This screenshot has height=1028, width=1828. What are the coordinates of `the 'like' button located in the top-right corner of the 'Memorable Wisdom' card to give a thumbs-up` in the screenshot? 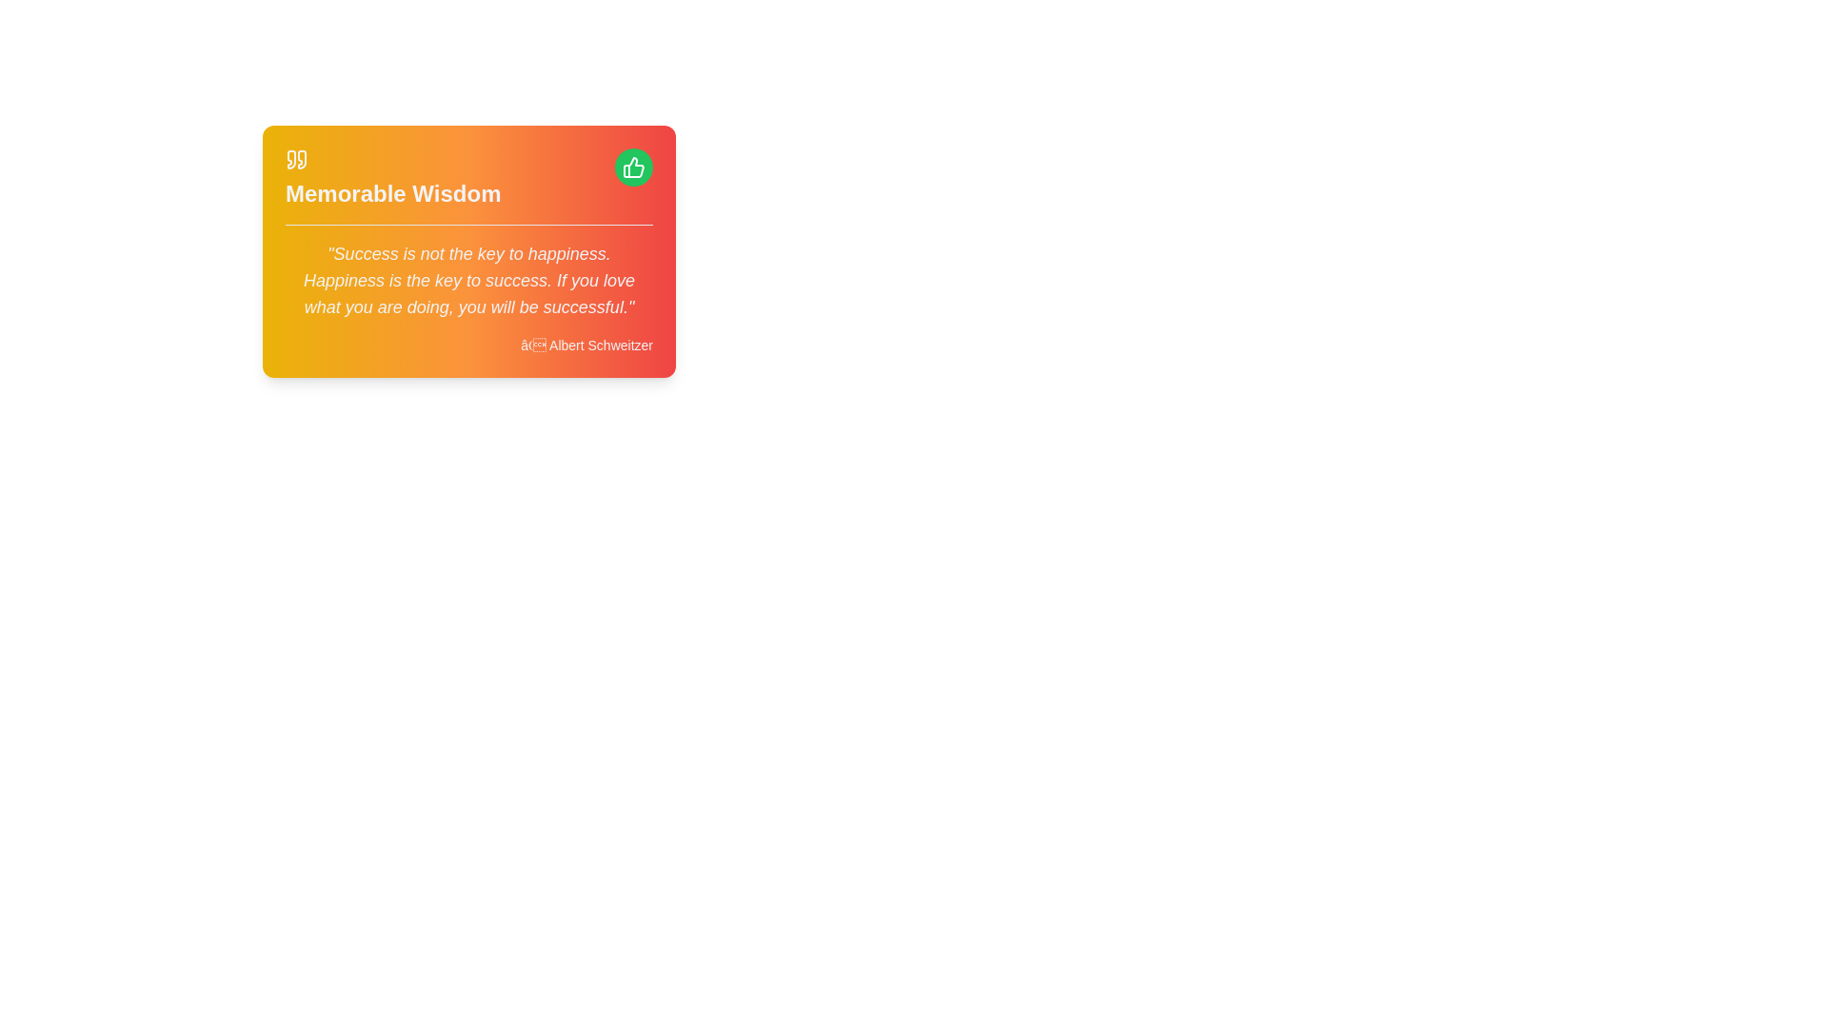 It's located at (634, 167).